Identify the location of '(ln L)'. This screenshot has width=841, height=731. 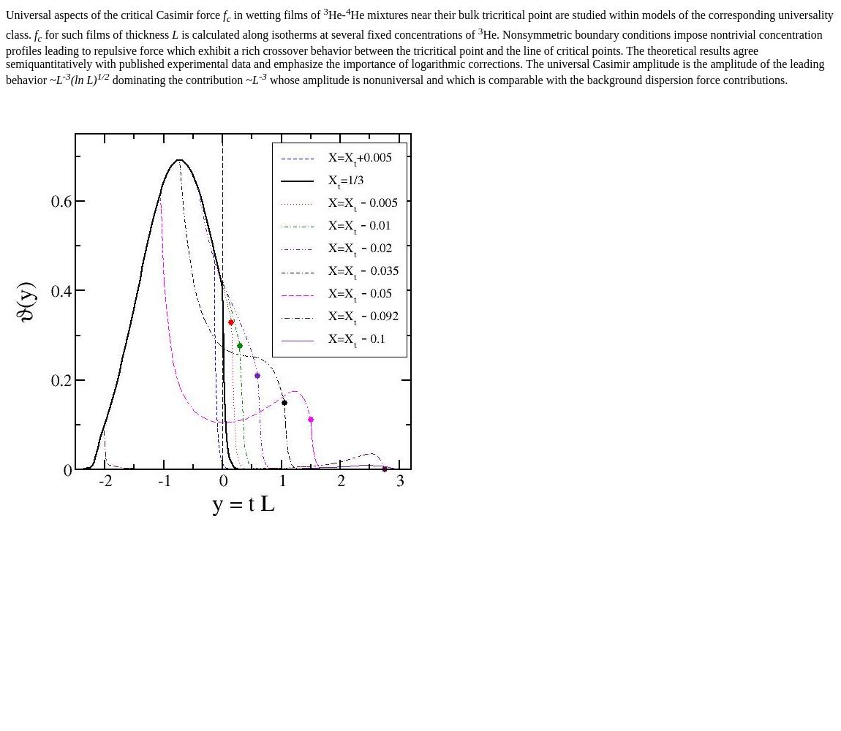
(82, 79).